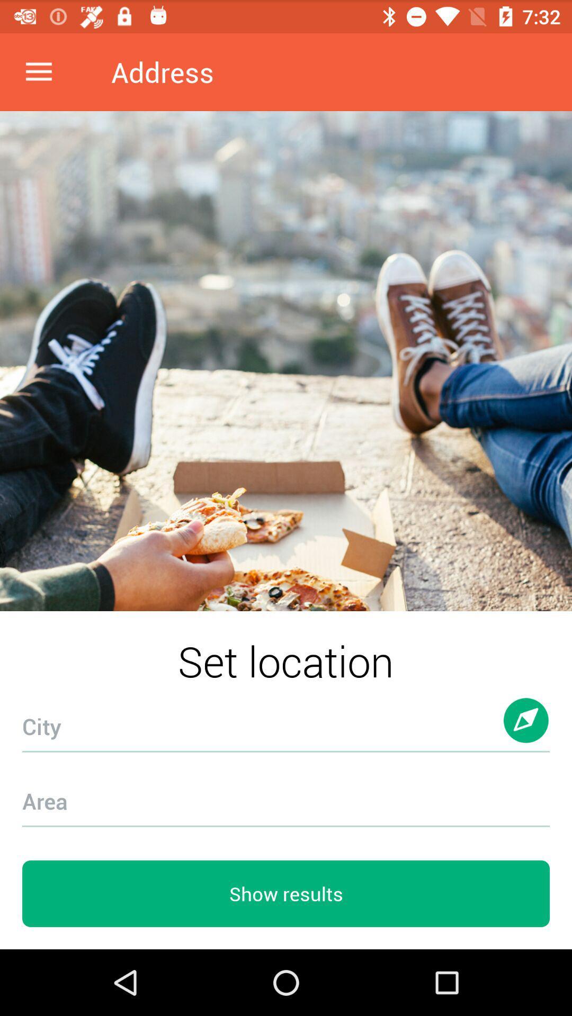 This screenshot has height=1016, width=572. What do you see at coordinates (38, 71) in the screenshot?
I see `icon next to the address icon` at bounding box center [38, 71].